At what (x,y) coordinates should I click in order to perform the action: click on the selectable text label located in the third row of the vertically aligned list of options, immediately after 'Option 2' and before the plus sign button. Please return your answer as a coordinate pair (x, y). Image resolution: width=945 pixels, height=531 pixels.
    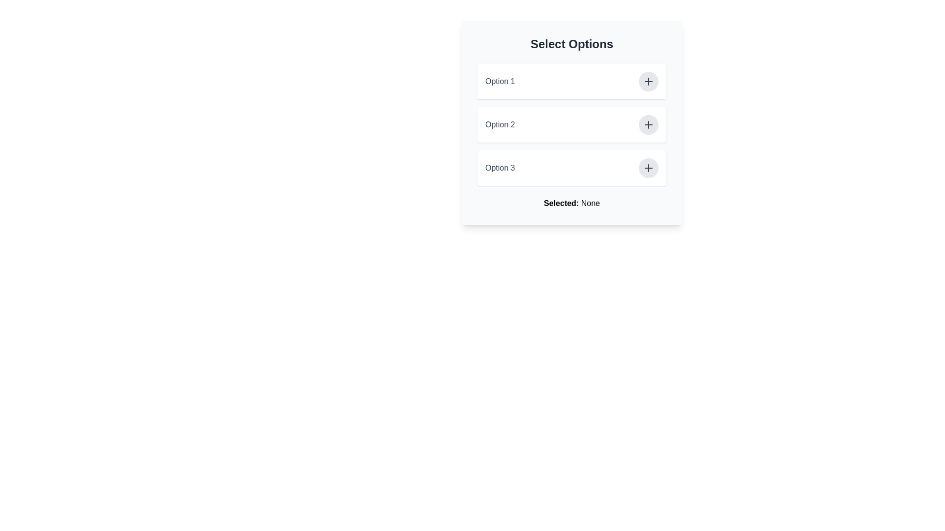
    Looking at the image, I should click on (500, 168).